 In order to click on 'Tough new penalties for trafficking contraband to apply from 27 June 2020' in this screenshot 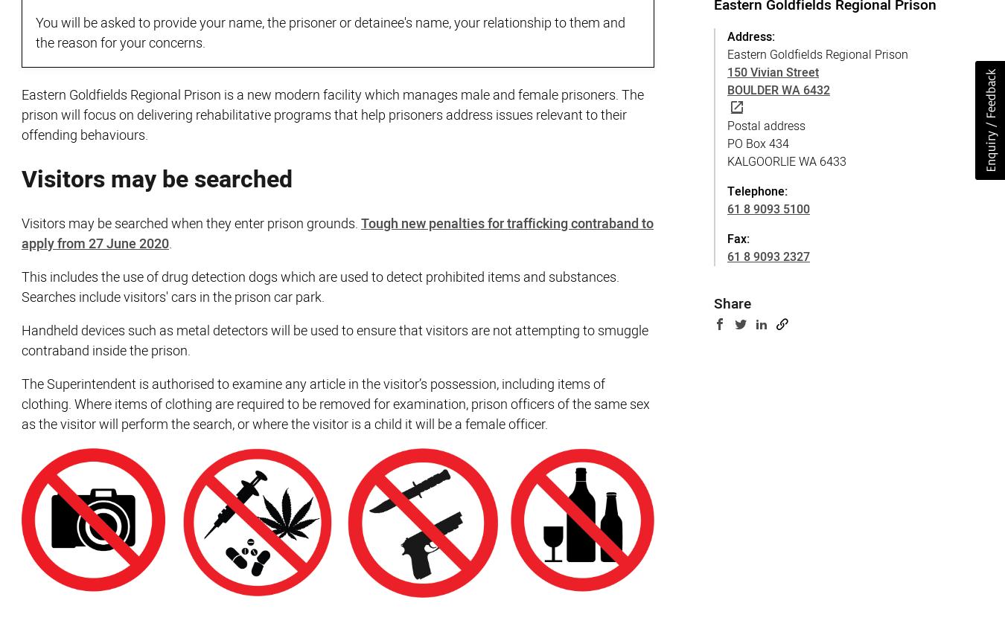, I will do `click(336, 232)`.